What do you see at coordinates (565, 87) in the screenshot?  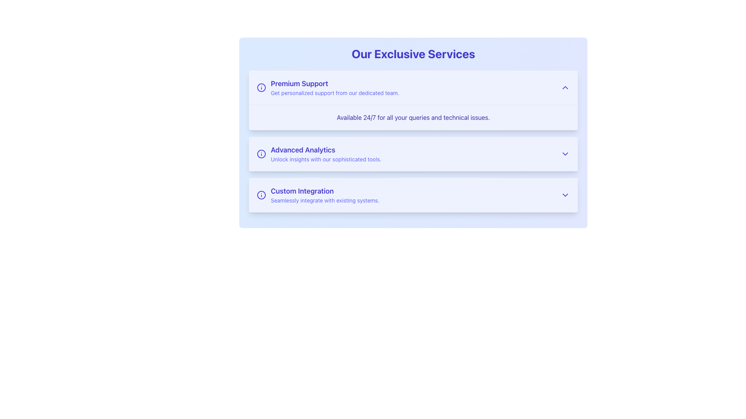 I see `the indigo chevron upwards icon located at the far right of the 'Premium Support' card` at bounding box center [565, 87].